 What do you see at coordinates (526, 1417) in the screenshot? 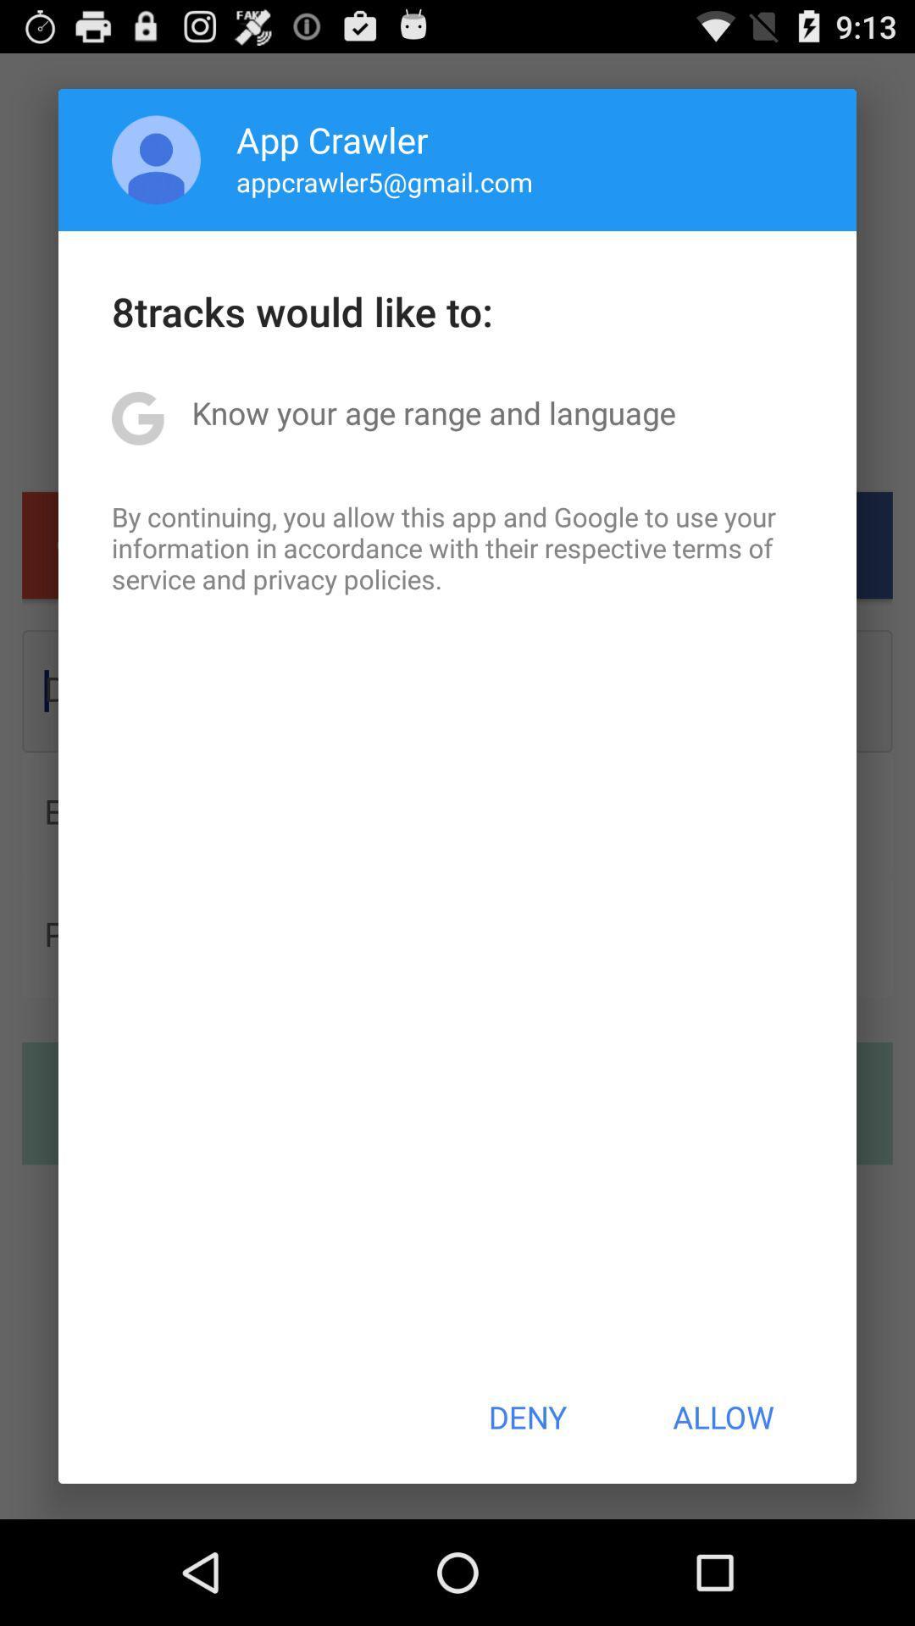
I see `the item to the left of allow icon` at bounding box center [526, 1417].